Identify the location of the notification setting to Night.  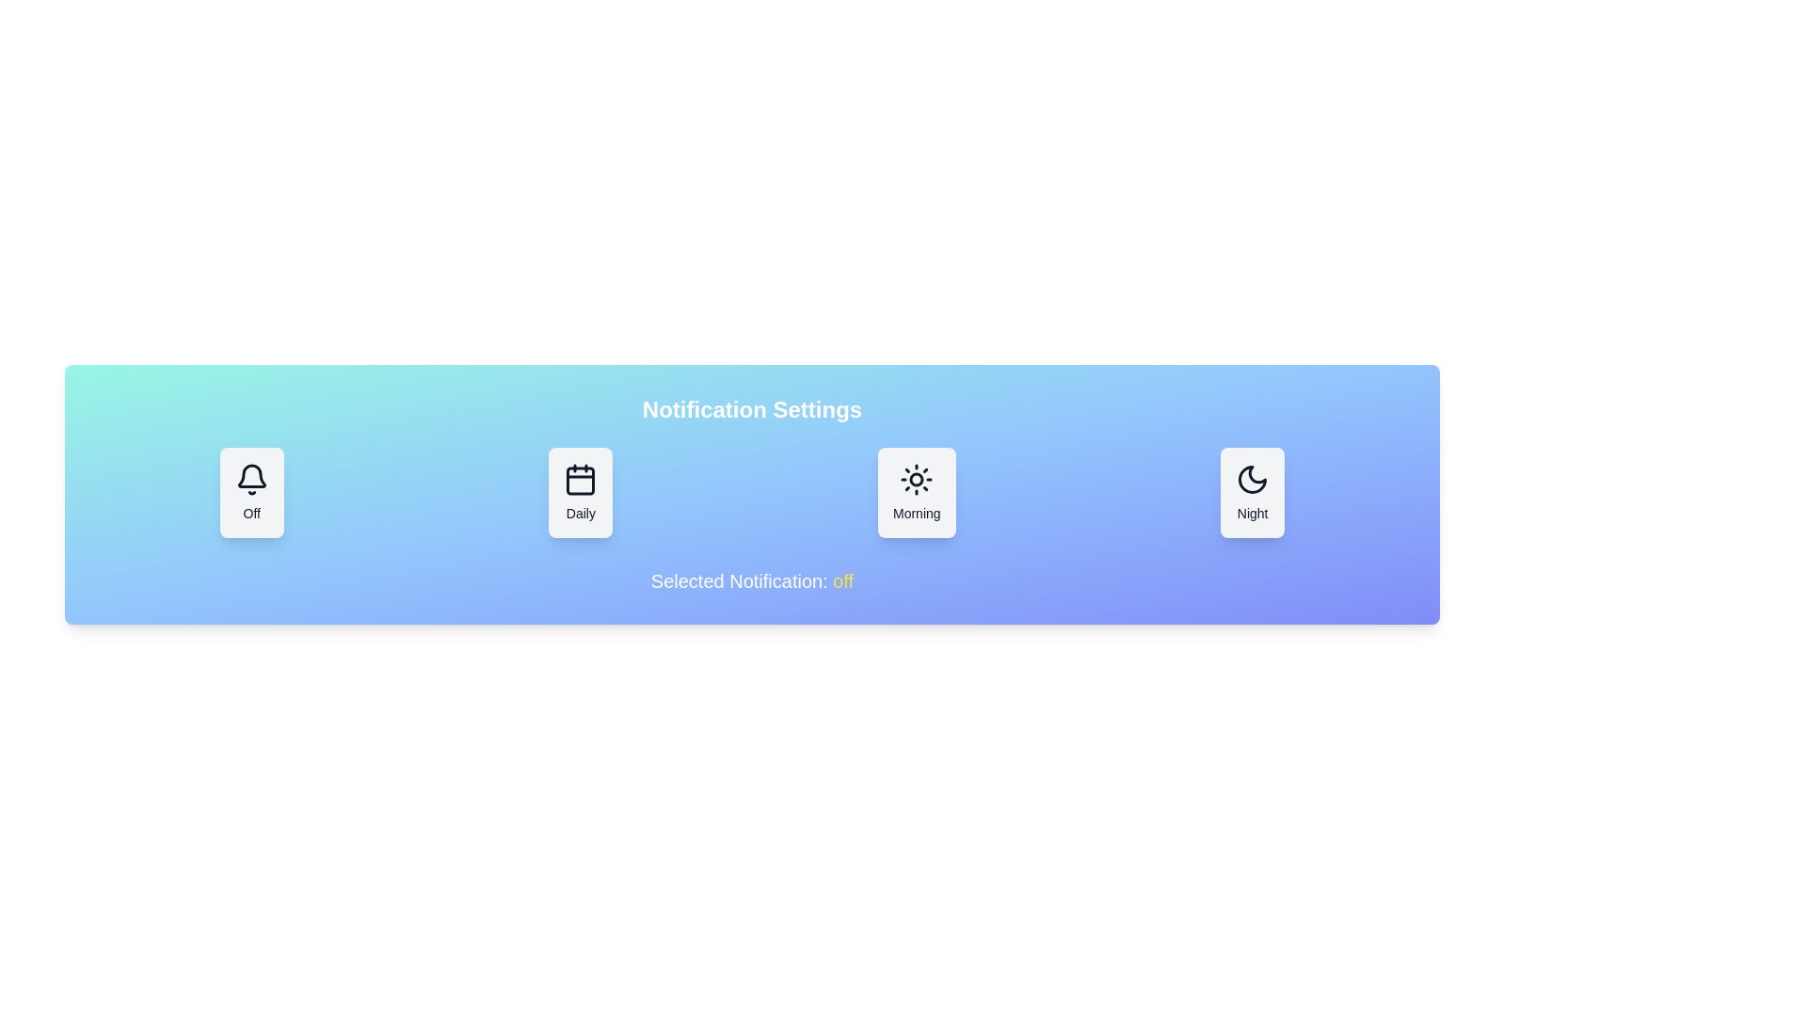
(1253, 492).